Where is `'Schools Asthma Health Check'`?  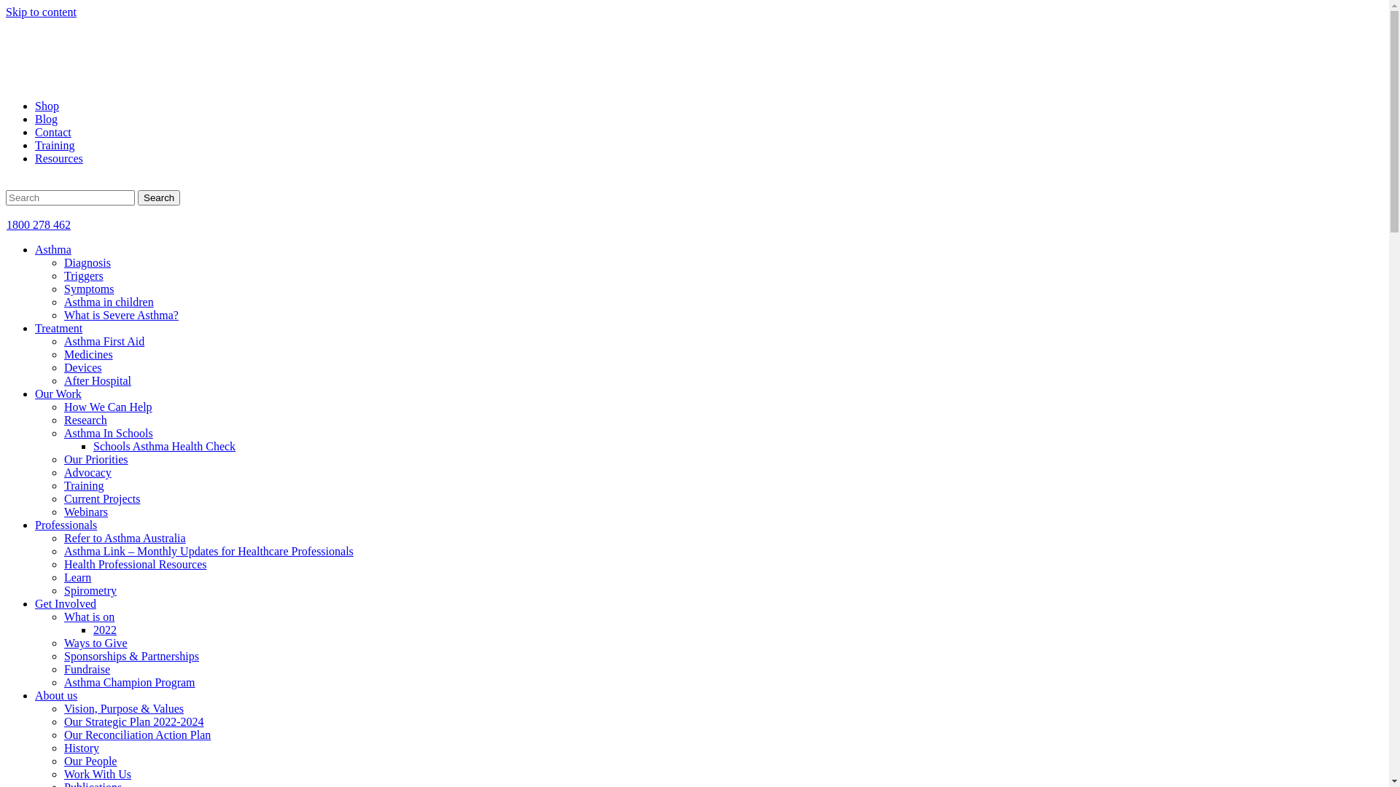 'Schools Asthma Health Check' is located at coordinates (164, 445).